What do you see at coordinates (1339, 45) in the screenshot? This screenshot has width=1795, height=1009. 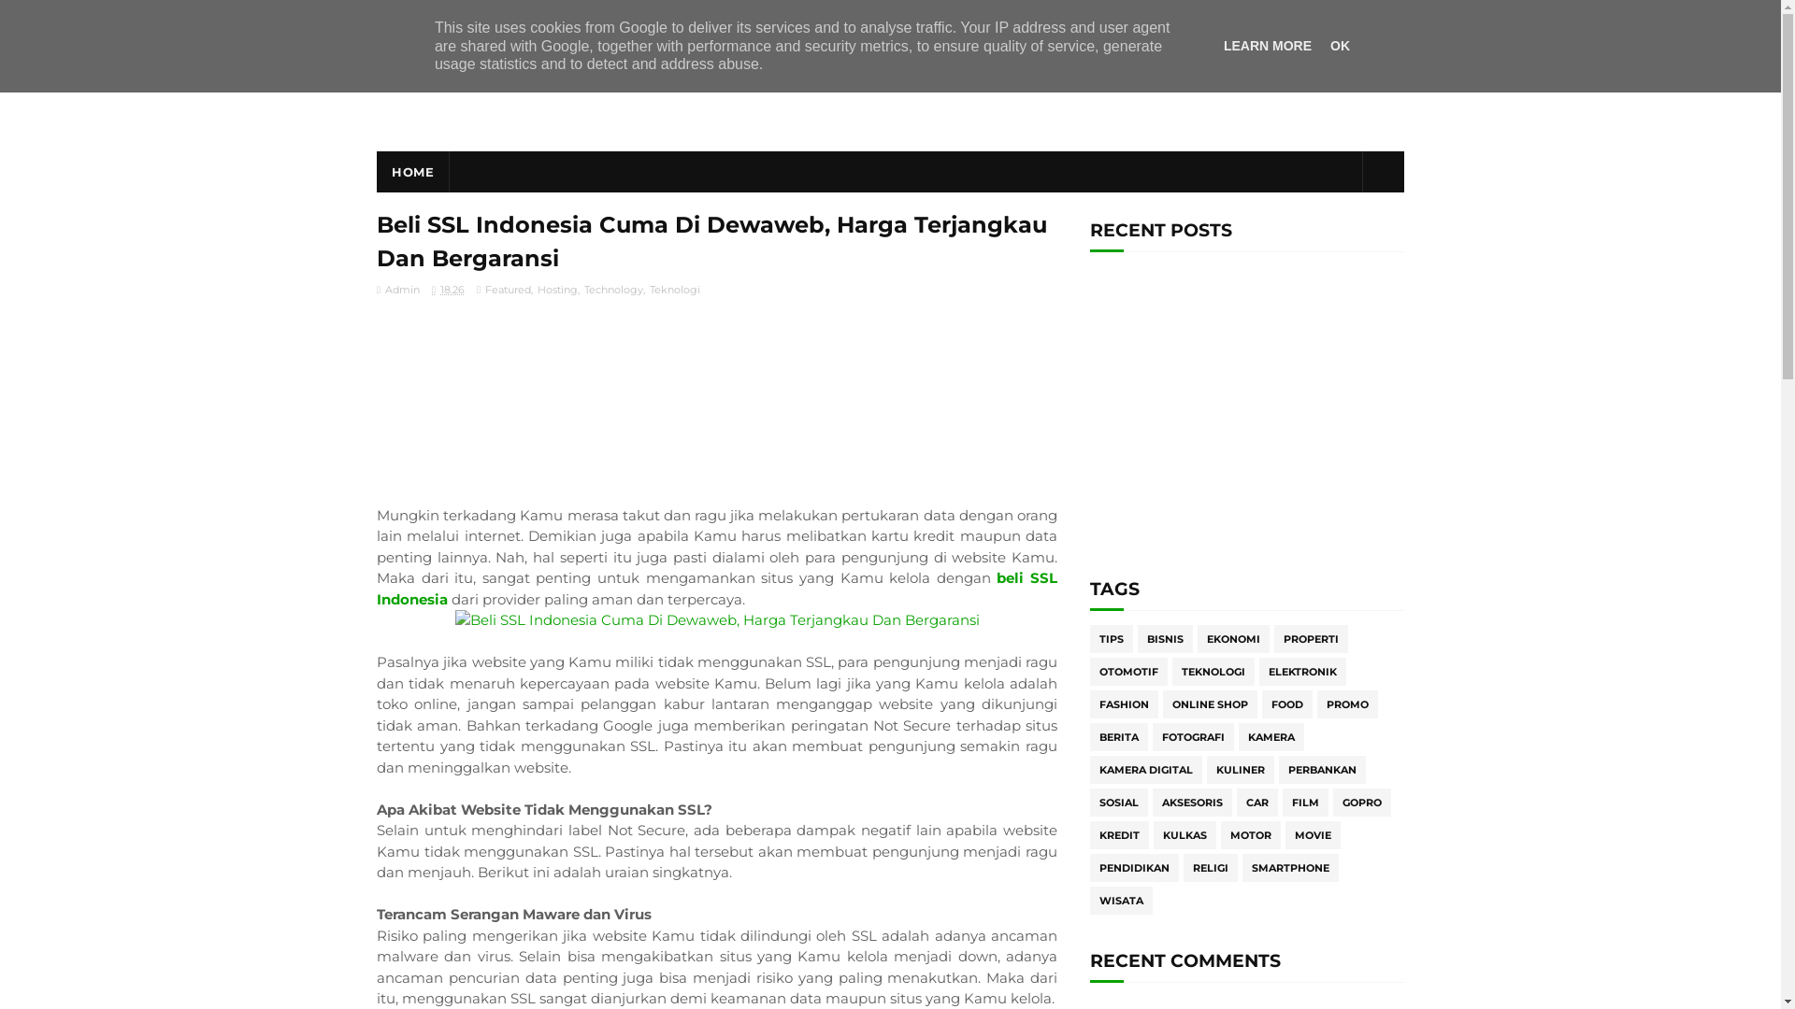 I see `'OK'` at bounding box center [1339, 45].